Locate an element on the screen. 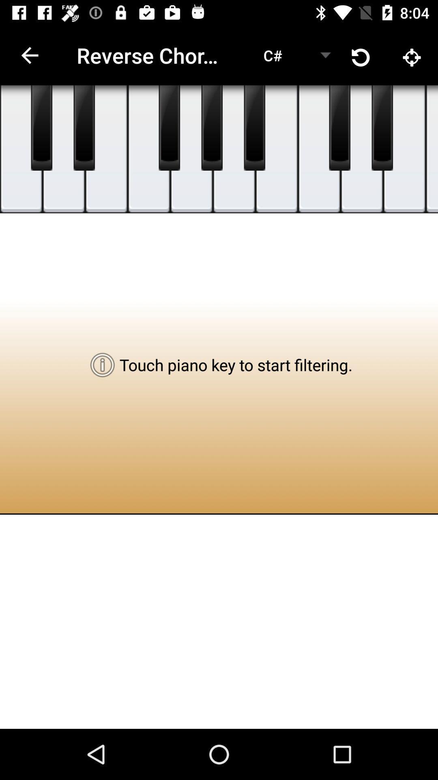  touch piano to start playing is located at coordinates (21, 149).